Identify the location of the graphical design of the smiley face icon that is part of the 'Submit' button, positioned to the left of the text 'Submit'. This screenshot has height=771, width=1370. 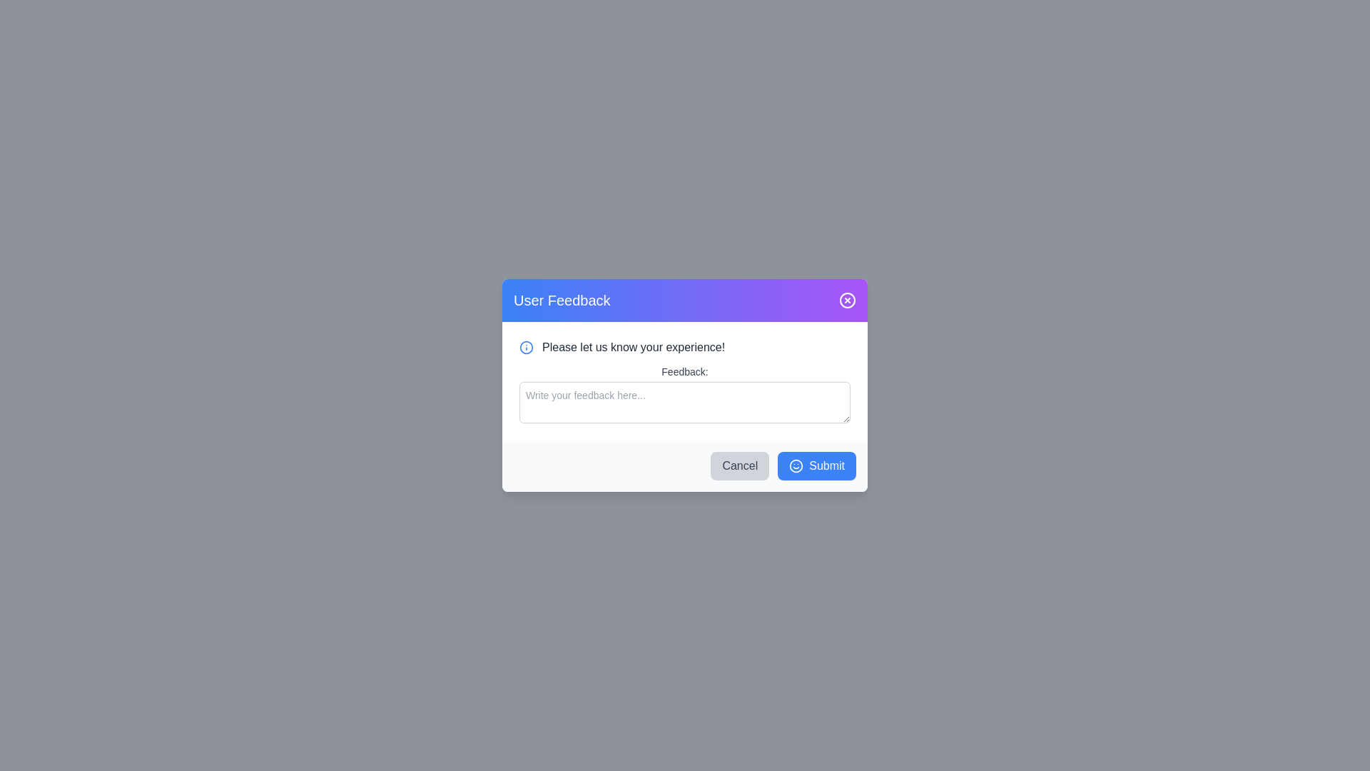
(796, 465).